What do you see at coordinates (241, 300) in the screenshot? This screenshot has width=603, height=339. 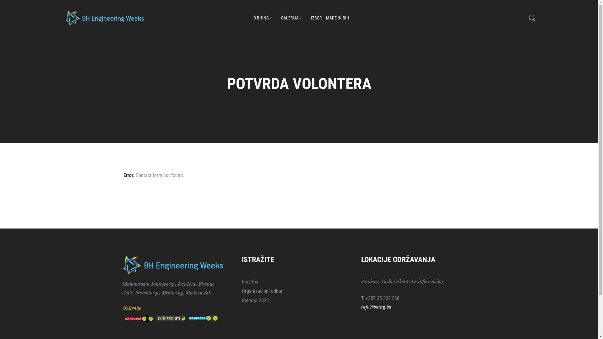 I see `'Galerija 2020'` at bounding box center [241, 300].